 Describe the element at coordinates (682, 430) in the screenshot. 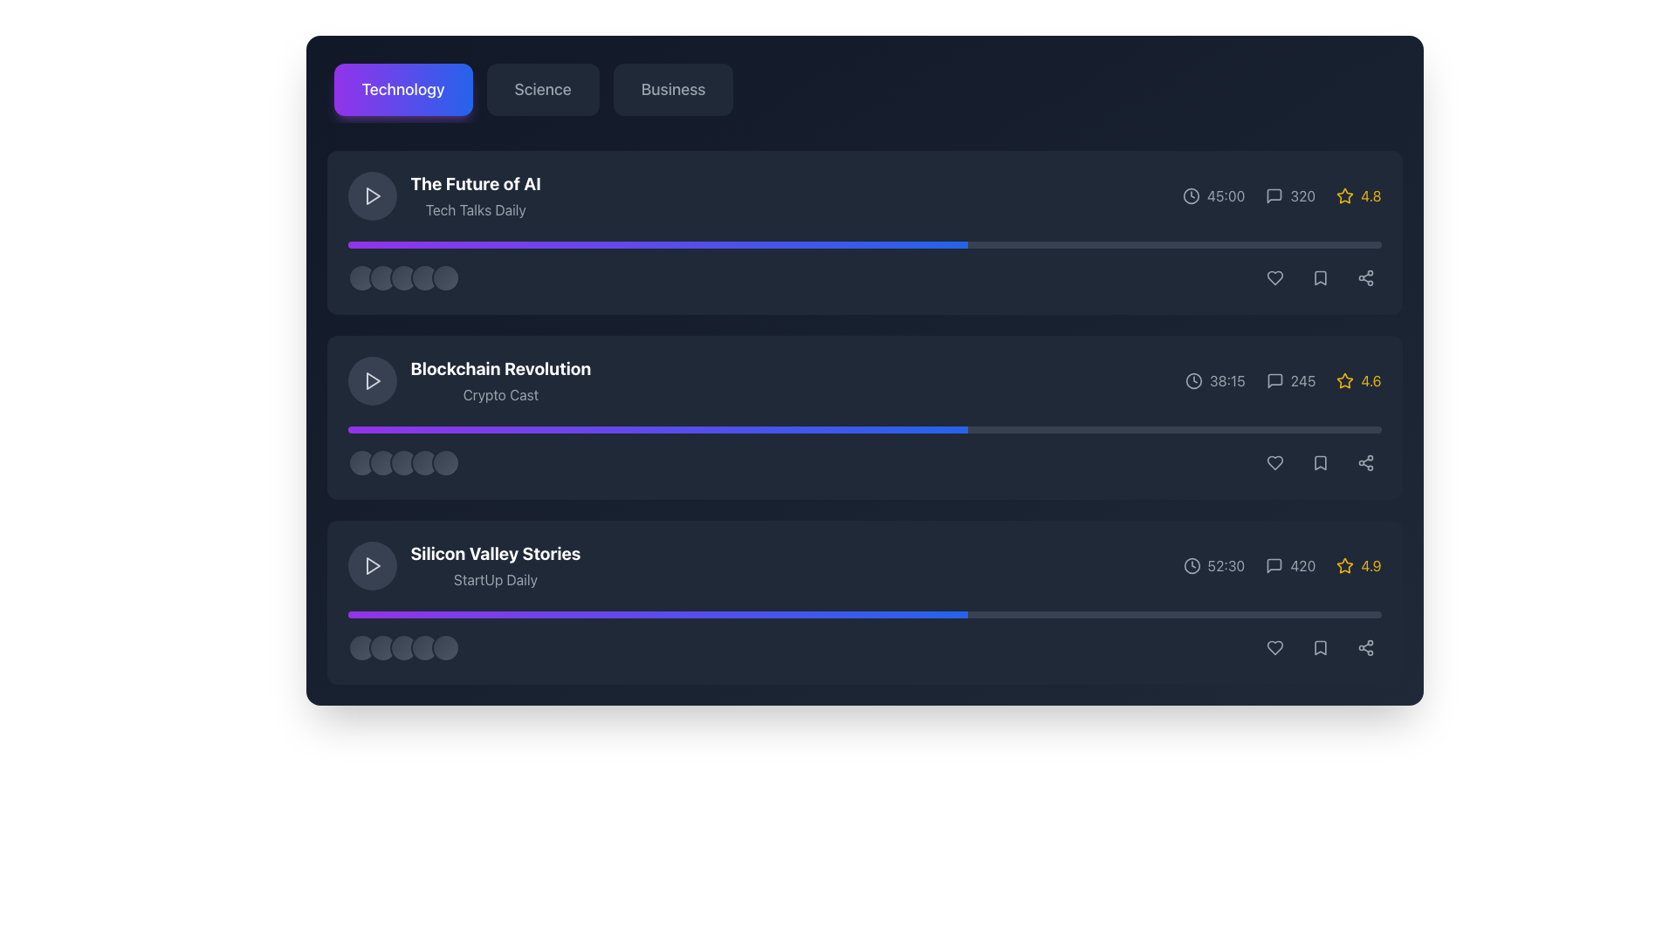

I see `progress` at that location.